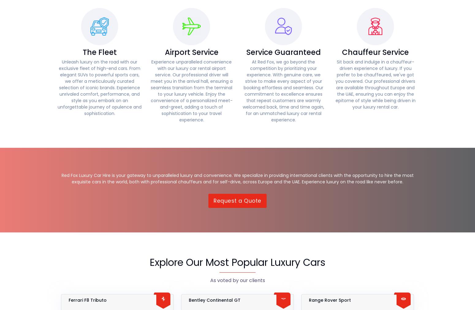 The height and width of the screenshot is (310, 475). Describe the element at coordinates (237, 178) in the screenshot. I see `'Red Fox Luxury Car Hire is your gateway to unparalleled luxury and convenience. We specialize in providing international clients with the opportunity to hire the most exquisite cars in the world, both with professional chauffeurs and for self-drive, across Europe and the UAE. Experience luxury on the road like never before.'` at that location.